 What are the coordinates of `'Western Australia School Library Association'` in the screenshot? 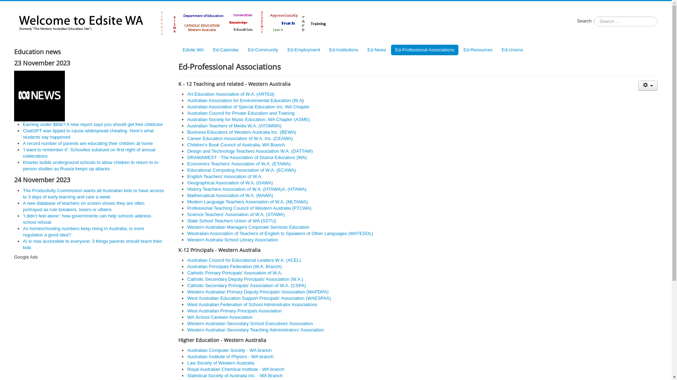 It's located at (233, 239).